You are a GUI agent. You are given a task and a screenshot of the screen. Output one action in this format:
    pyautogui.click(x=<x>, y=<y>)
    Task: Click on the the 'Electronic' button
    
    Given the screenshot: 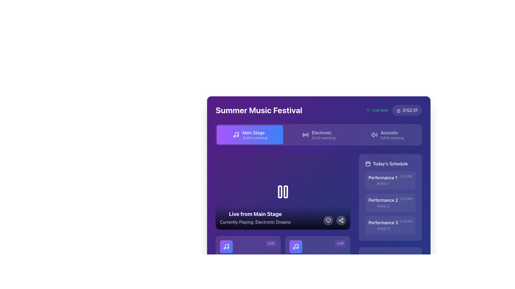 What is the action you would take?
    pyautogui.click(x=323, y=135)
    